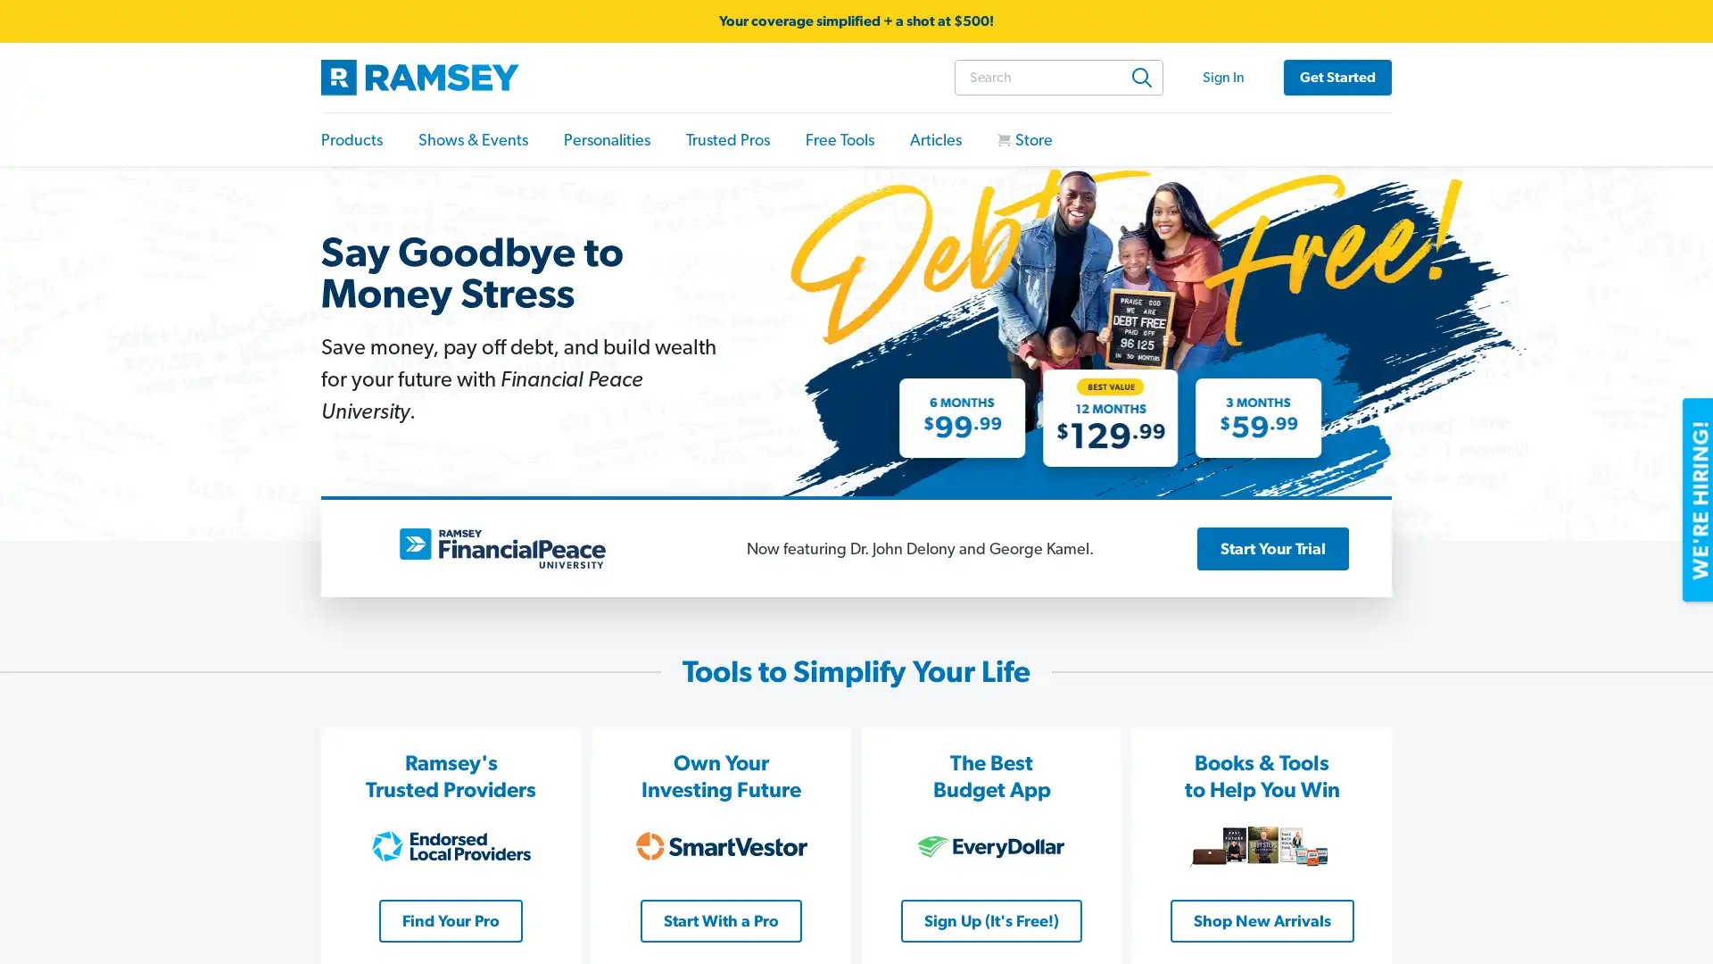 The image size is (1713, 964). What do you see at coordinates (451, 919) in the screenshot?
I see `Find Your Pro` at bounding box center [451, 919].